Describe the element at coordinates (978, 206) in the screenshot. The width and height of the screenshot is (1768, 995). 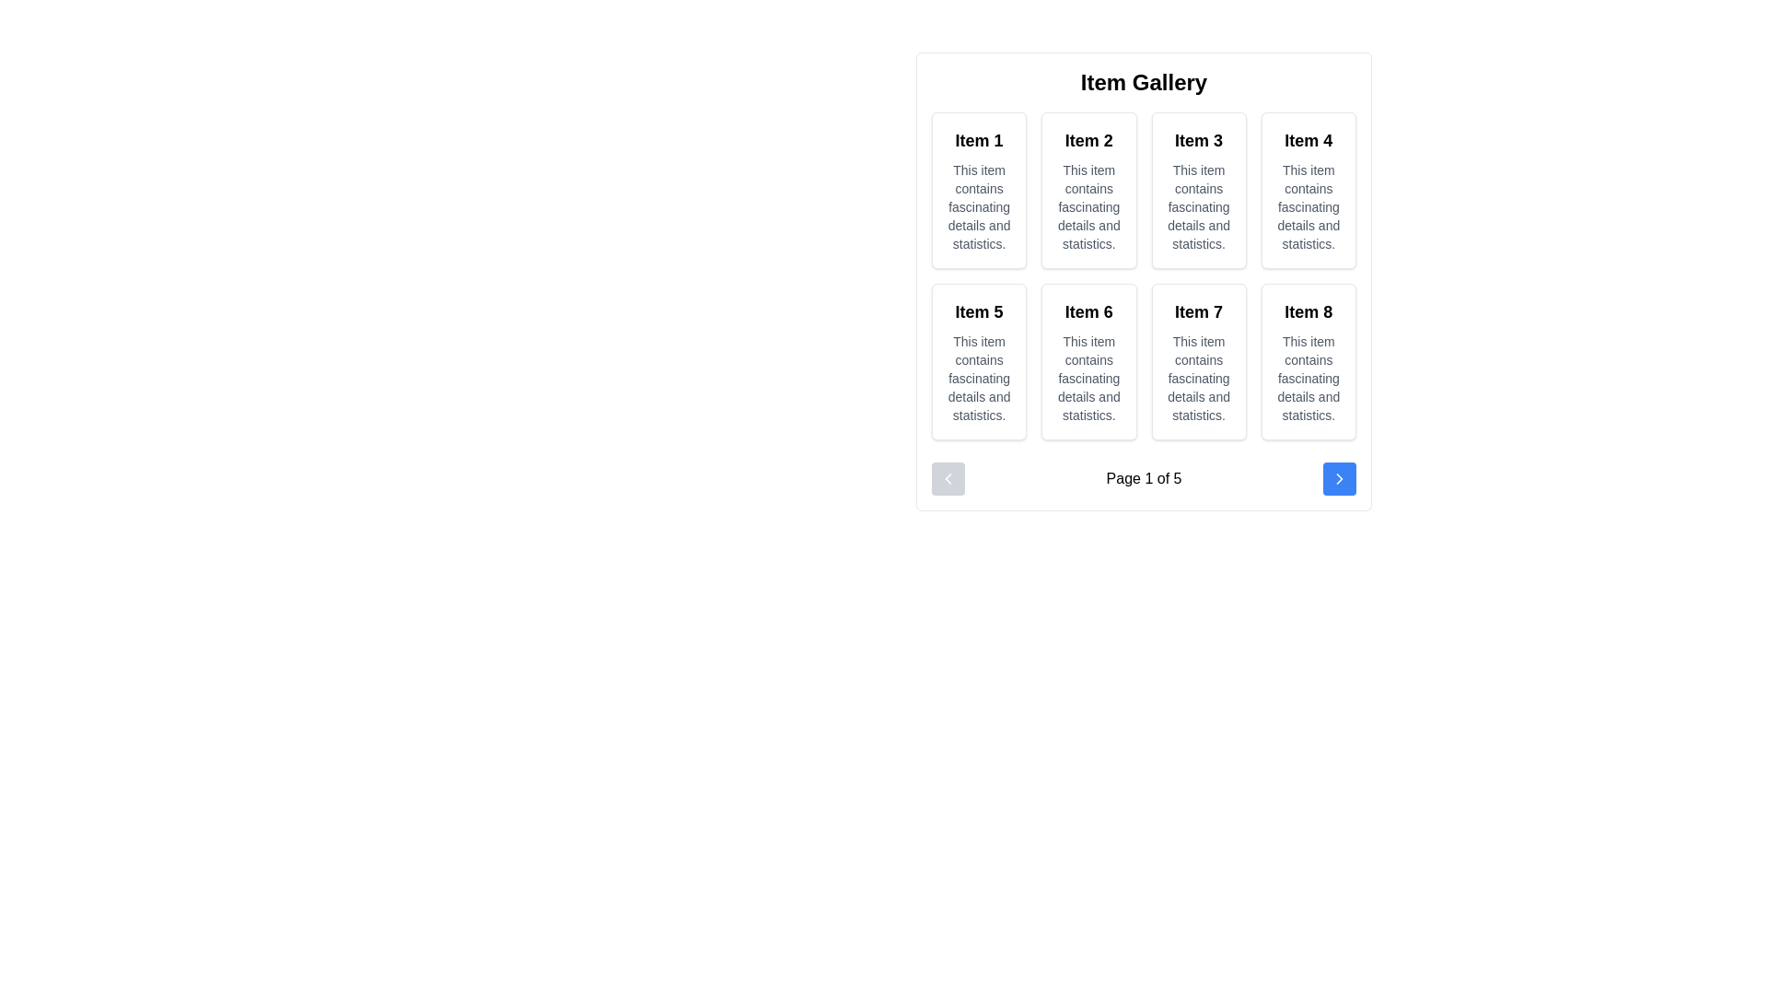
I see `the static text display that provides descriptive information about 'Item 1', located below the text 'Item 1' in the first card of the grid under the title 'Item Gallery'` at that location.